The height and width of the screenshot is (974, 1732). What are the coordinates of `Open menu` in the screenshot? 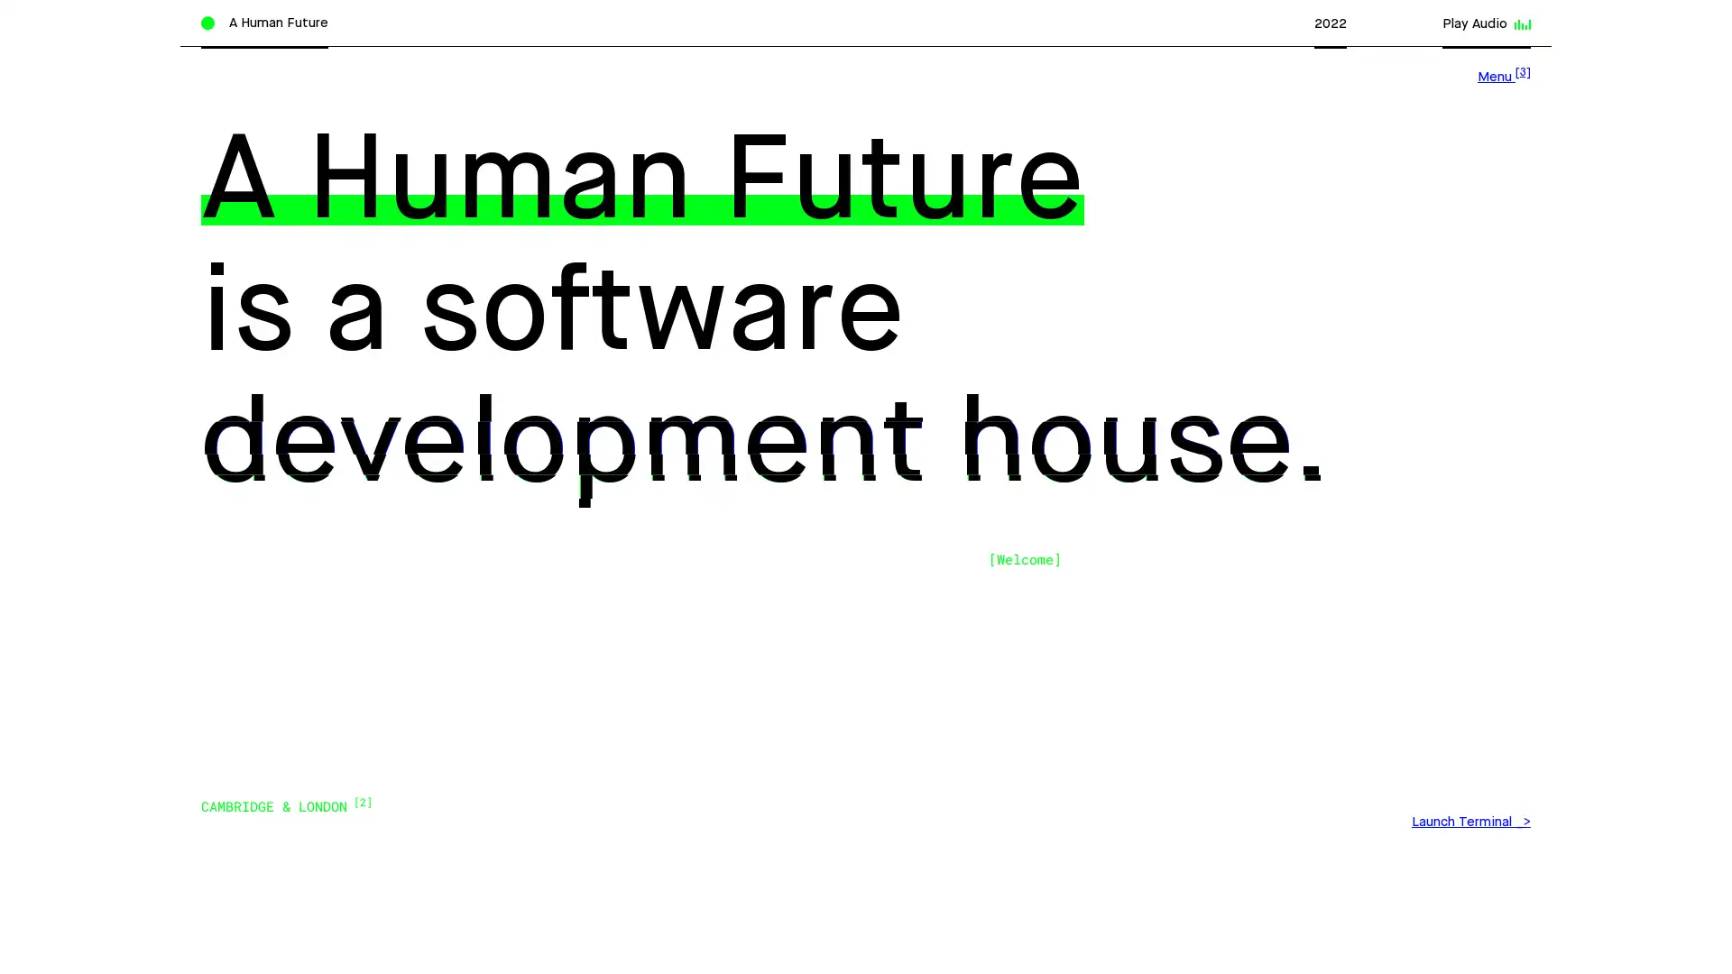 It's located at (1503, 74).